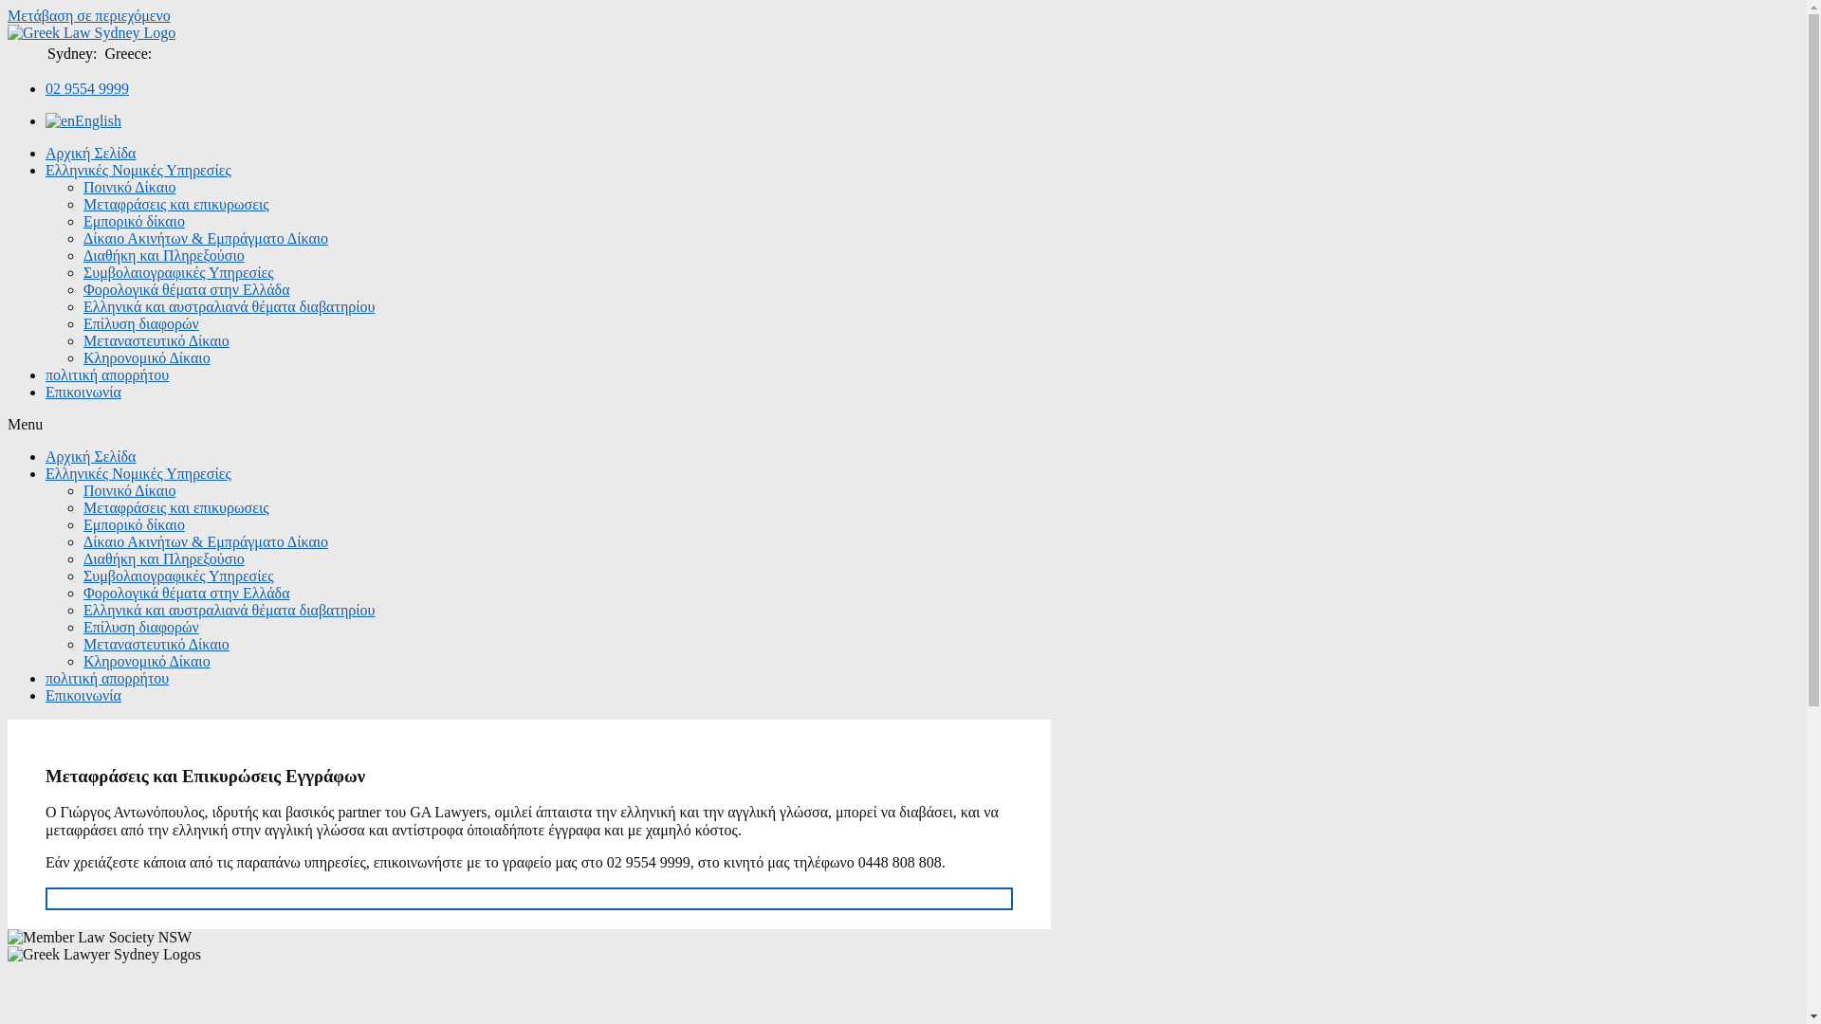 This screenshot has width=1821, height=1024. What do you see at coordinates (46, 88) in the screenshot?
I see `'02 9554 9999'` at bounding box center [46, 88].